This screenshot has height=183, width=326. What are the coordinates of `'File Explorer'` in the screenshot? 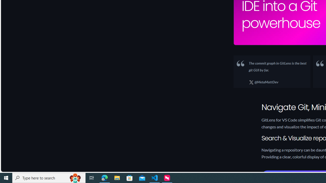 It's located at (117, 177).